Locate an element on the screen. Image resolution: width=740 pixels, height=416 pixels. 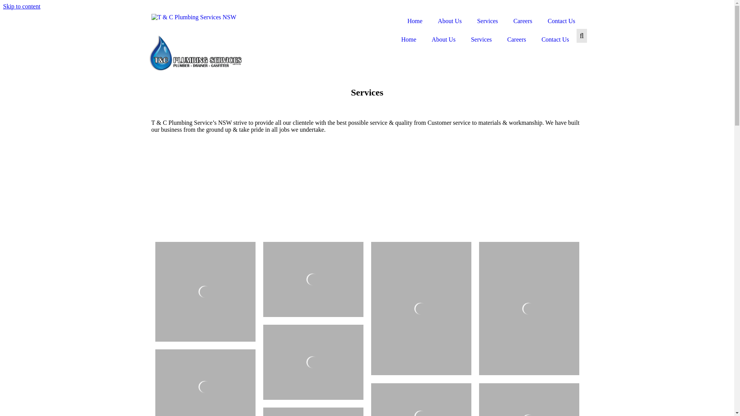
'Home' is located at coordinates (414, 20).